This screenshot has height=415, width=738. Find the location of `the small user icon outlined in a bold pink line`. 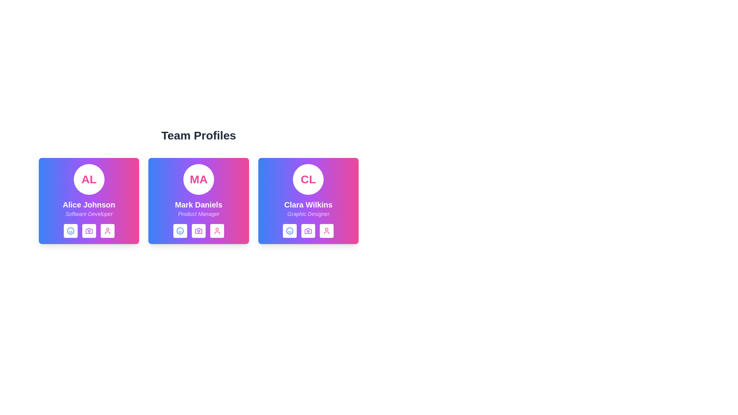

the small user icon outlined in a bold pink line is located at coordinates (107, 231).